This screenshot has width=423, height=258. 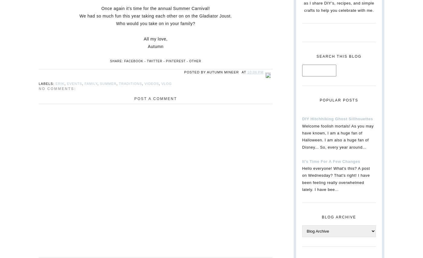 I want to click on 'No comments:', so click(x=38, y=89).